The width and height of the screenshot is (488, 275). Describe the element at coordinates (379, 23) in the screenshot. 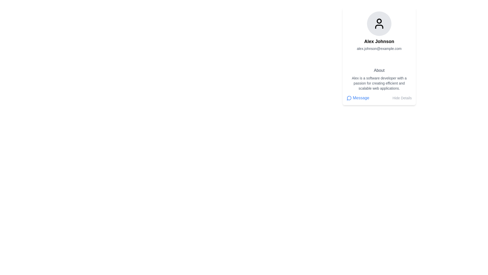

I see `the user profile picture placeholder icon located at the top center of the user profile card` at that location.